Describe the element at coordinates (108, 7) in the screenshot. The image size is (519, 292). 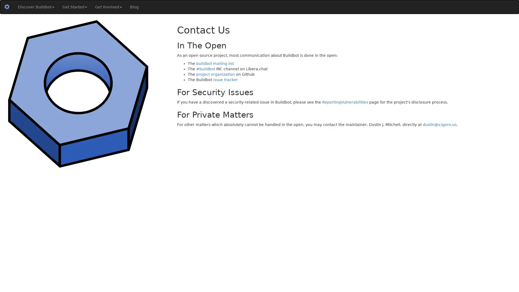
I see `Get Involved` at that location.